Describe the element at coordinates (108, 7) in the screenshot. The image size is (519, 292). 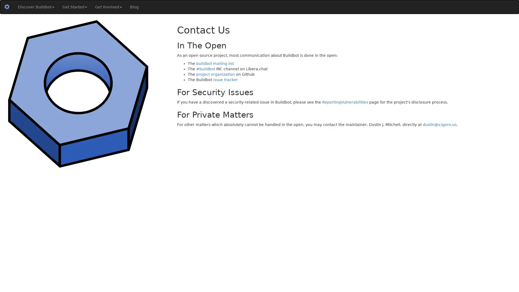
I see `Get Involved` at that location.